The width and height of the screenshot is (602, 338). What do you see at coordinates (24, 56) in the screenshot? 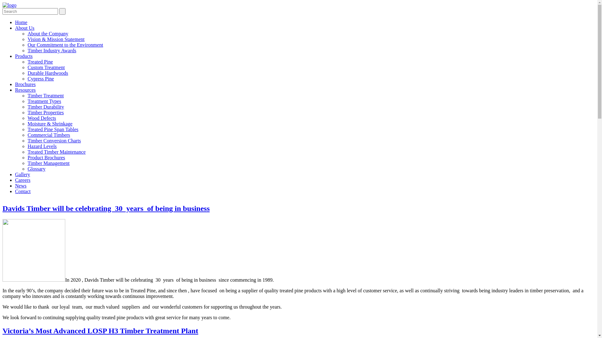
I see `'Products'` at bounding box center [24, 56].